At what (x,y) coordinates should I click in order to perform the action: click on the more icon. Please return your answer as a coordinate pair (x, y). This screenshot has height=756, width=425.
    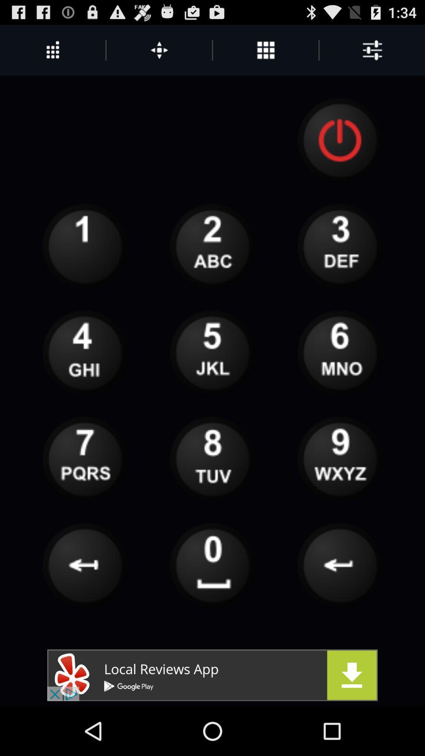
    Looking at the image, I should click on (52, 53).